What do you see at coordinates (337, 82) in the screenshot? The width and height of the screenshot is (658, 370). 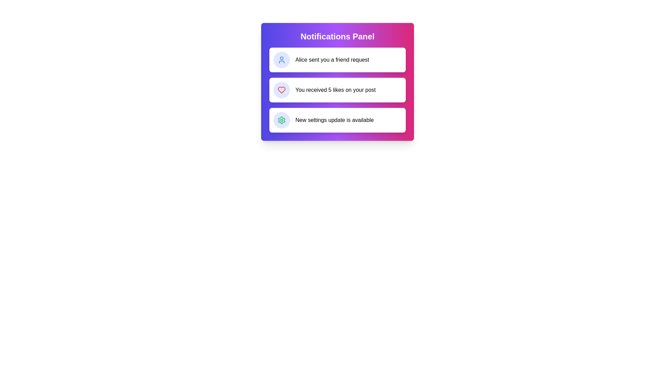 I see `the second notification in the notification section` at bounding box center [337, 82].